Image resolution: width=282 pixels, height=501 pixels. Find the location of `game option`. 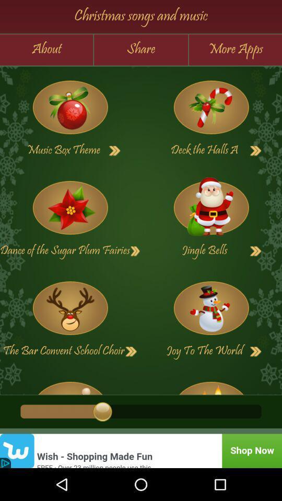

game option is located at coordinates (70, 108).